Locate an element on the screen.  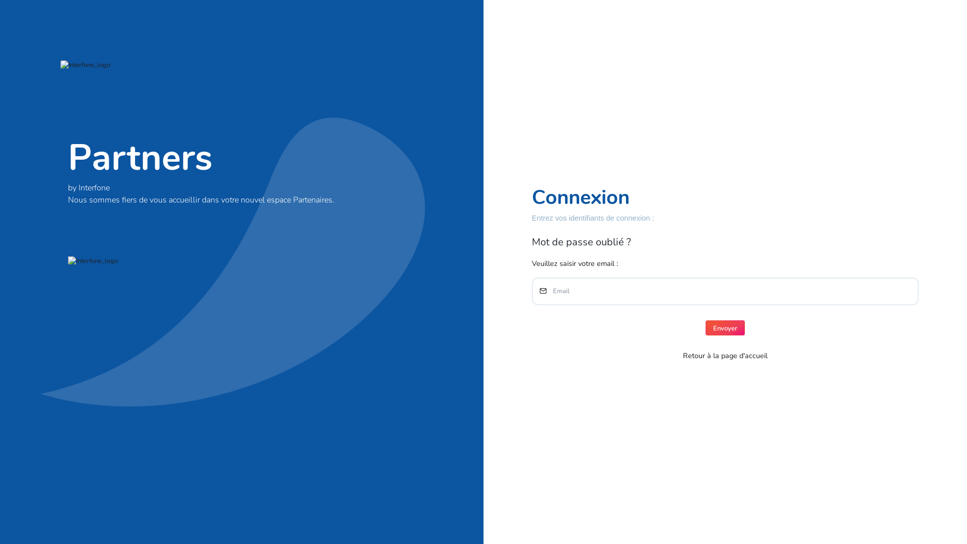
'Envoyer' is located at coordinates (725, 328).